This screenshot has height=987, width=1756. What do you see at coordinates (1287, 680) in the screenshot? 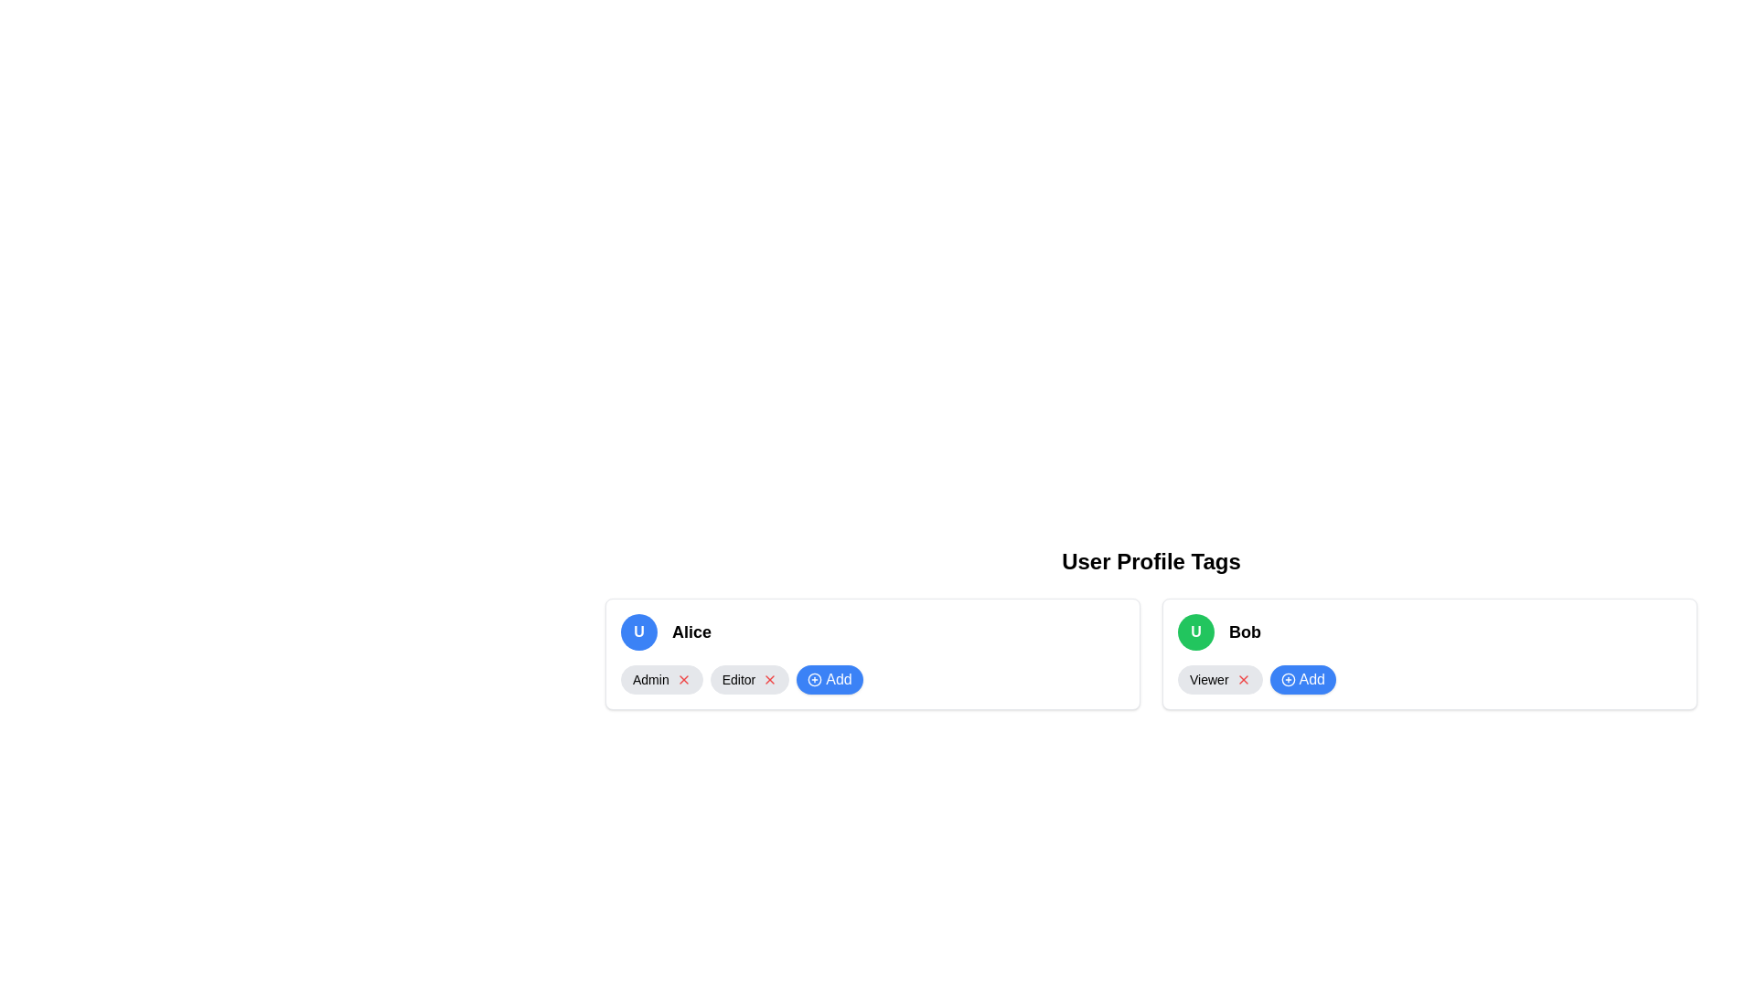
I see `the circular outline icon representing the 'Add' functionality, which is part of the 'plus-circle' icon located to the right of the 'Bob' profile tag area` at bounding box center [1287, 680].